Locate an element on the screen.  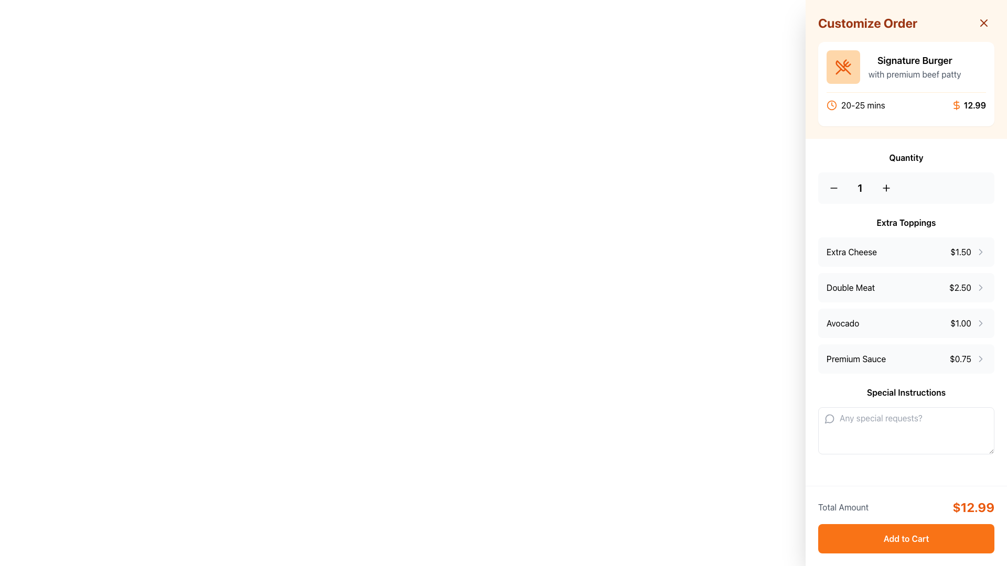
the price indicator for the 'Extra Cheese' topping option, which is located to the right of the 'Extra Cheese' text in the 'Extra Toppings' section is located at coordinates (968, 252).